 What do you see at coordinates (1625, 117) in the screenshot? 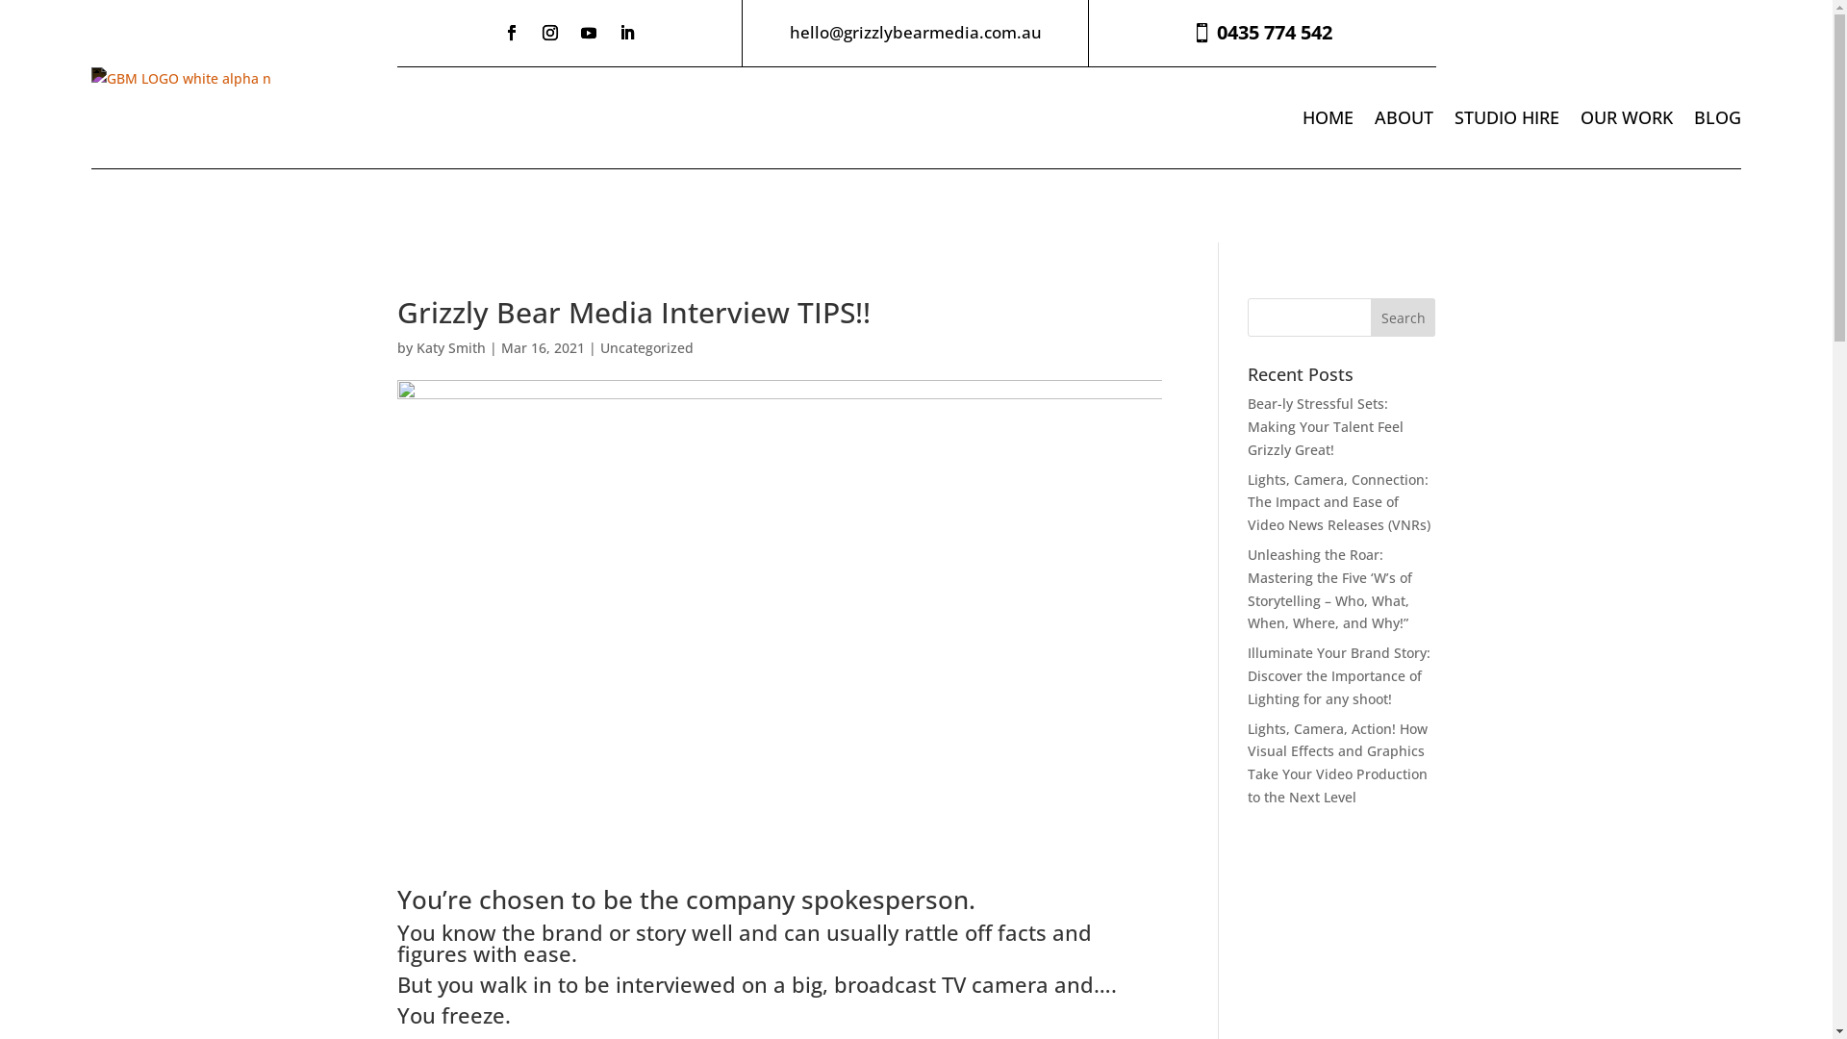
I see `'OUR WORK'` at bounding box center [1625, 117].